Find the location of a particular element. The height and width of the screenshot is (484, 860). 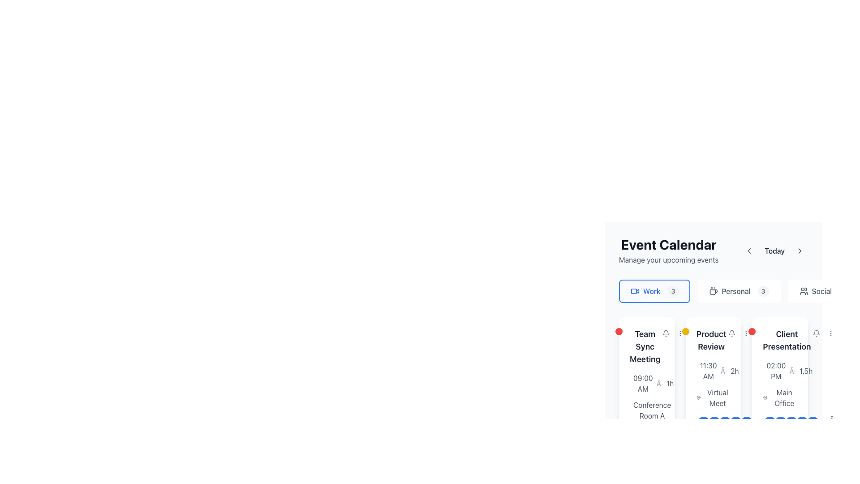

the Text display component that shows the time ('09:00 AM'), duration ('1h'), and location ('Conference Room A') within the 'Team Sync Meeting' card, located on the leftmost side of the event cards is located at coordinates (647, 416).